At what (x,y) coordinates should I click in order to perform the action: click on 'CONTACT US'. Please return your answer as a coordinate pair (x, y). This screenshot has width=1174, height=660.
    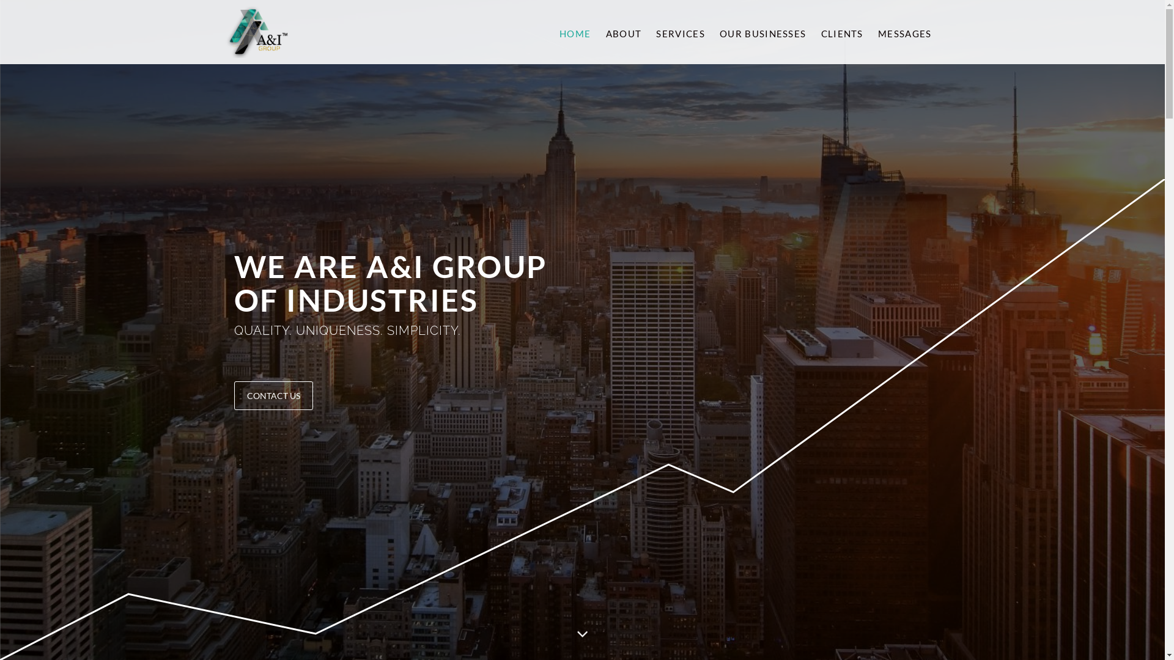
    Looking at the image, I should click on (272, 395).